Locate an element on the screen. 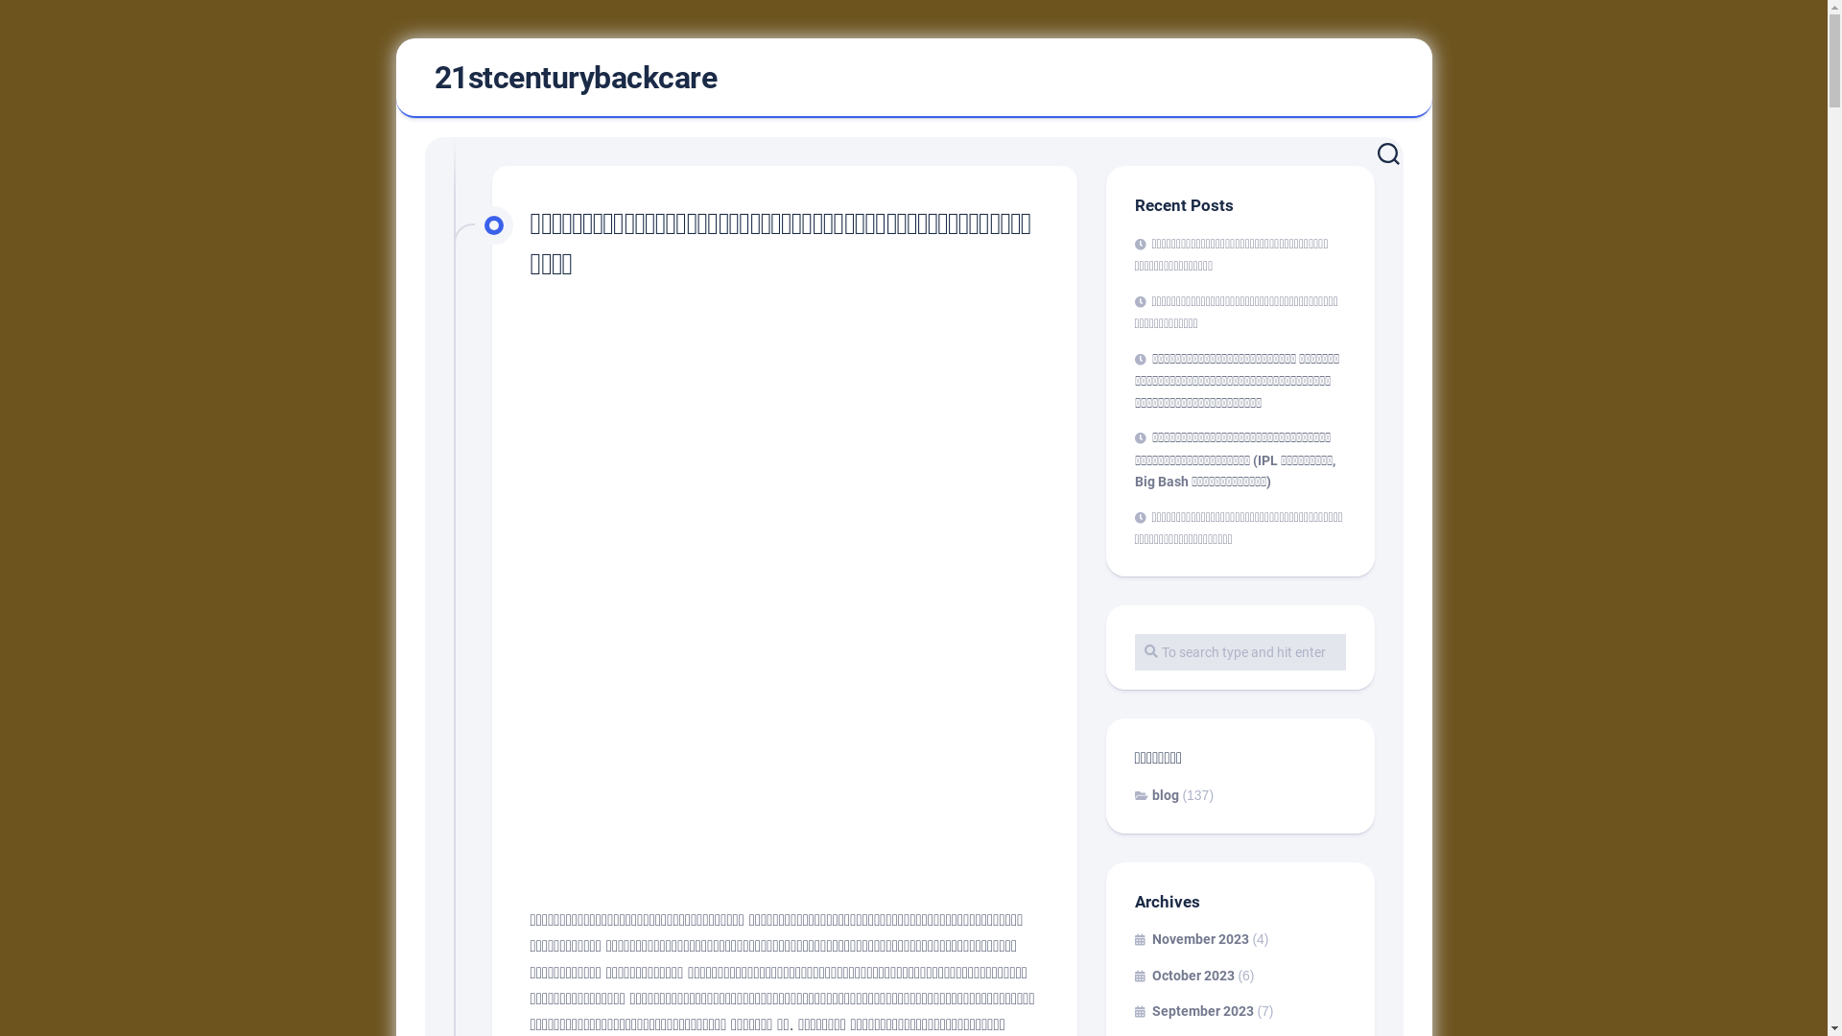 The width and height of the screenshot is (1842, 1036). 'blog' is located at coordinates (1154, 795).